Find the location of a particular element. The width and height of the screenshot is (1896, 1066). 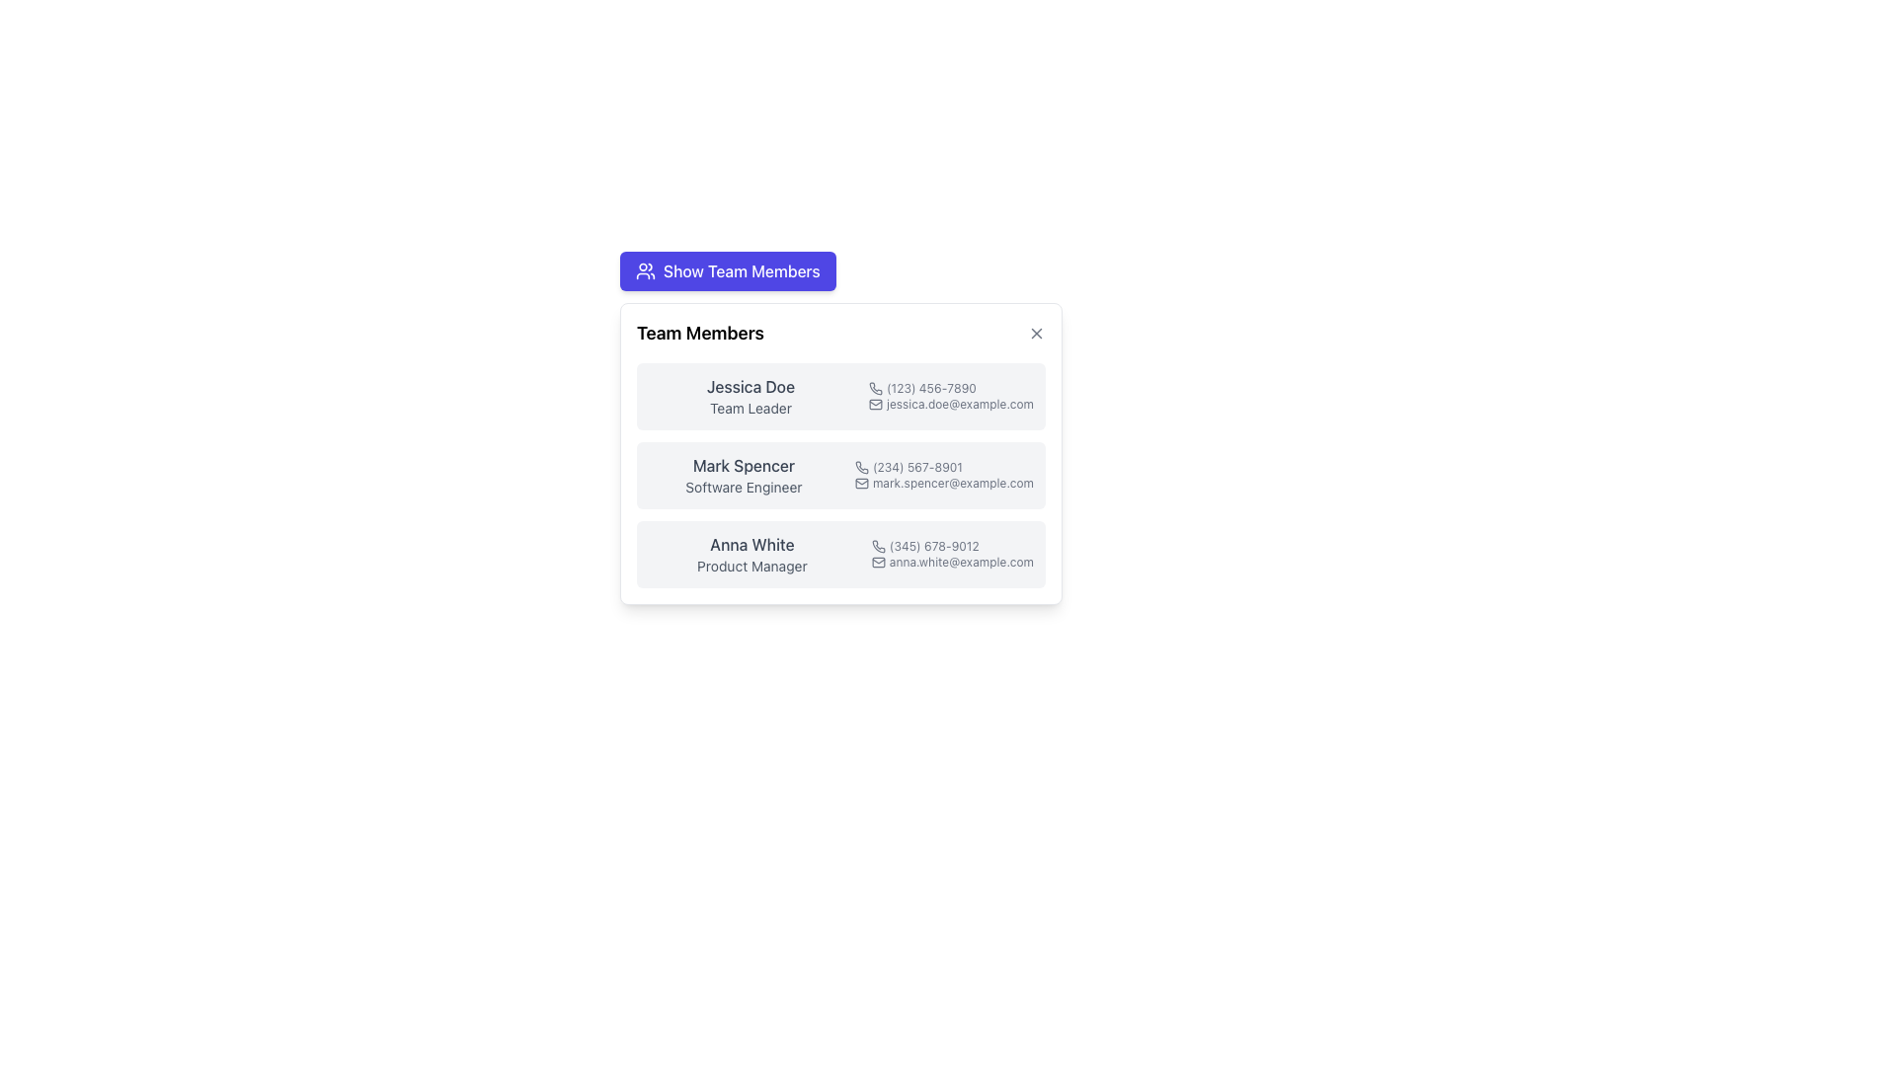

the text label displaying 'Anna White' in the 'Team Members' section, which is the first line of the third entry is located at coordinates (750, 544).